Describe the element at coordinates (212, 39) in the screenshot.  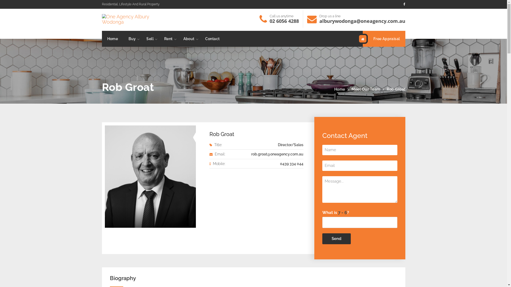
I see `'Contact'` at that location.